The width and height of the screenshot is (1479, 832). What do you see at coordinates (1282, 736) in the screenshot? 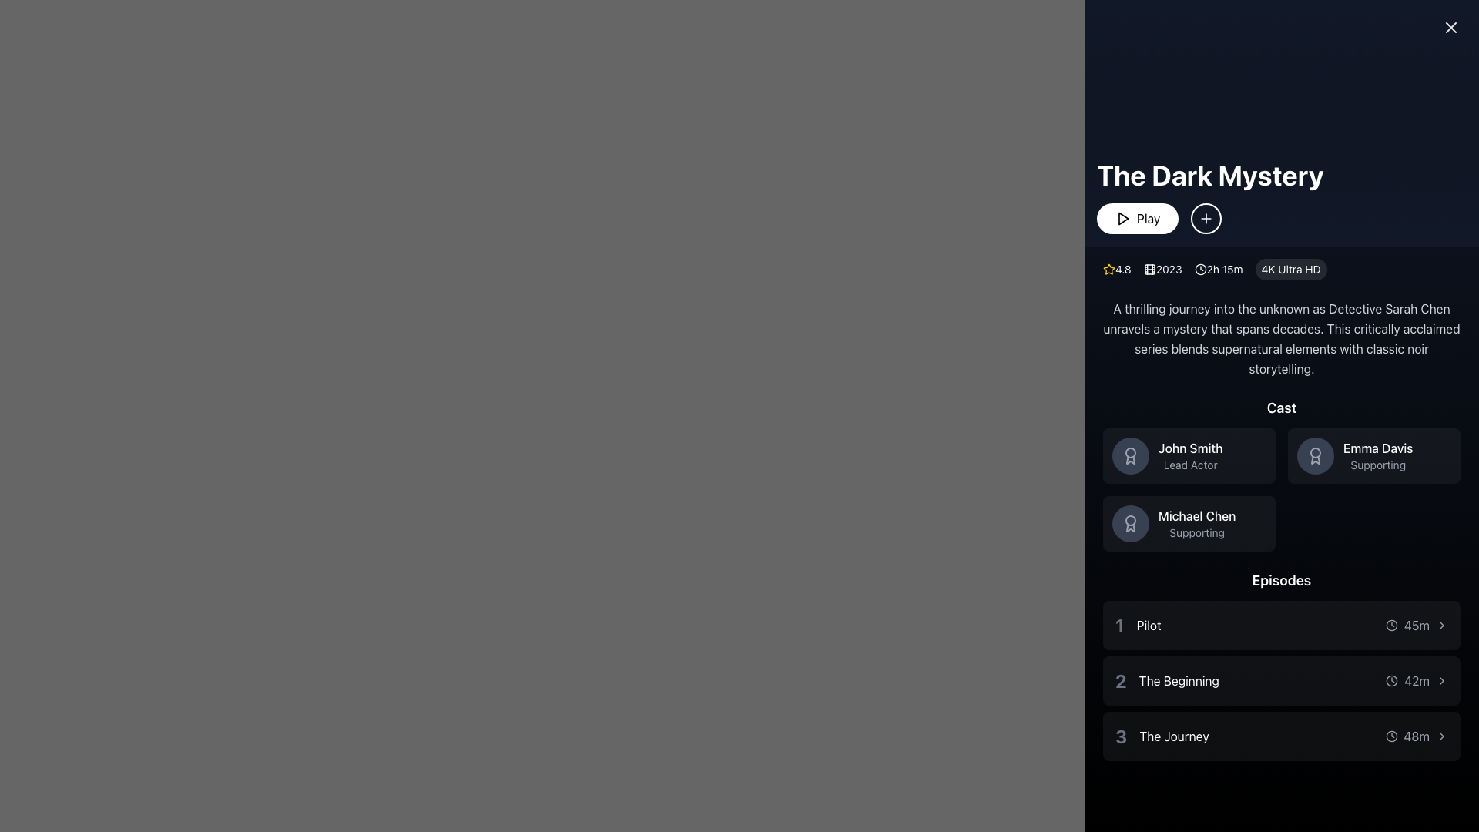
I see `the third Interactive List Item in the Episodes section, which displays details for the episode 'The Journey'` at bounding box center [1282, 736].